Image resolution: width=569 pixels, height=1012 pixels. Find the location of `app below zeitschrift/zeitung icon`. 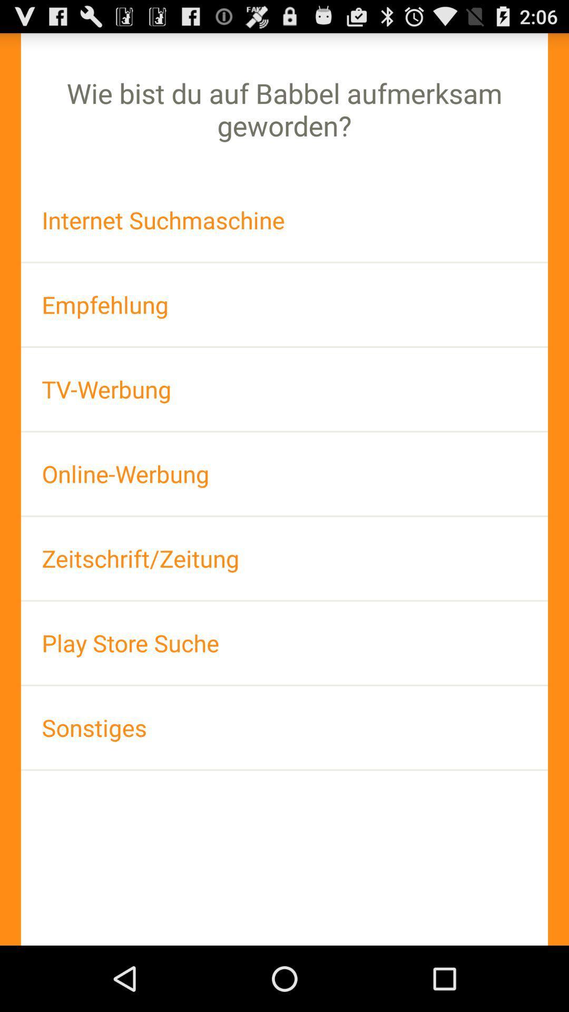

app below zeitschrift/zeitung icon is located at coordinates (284, 643).